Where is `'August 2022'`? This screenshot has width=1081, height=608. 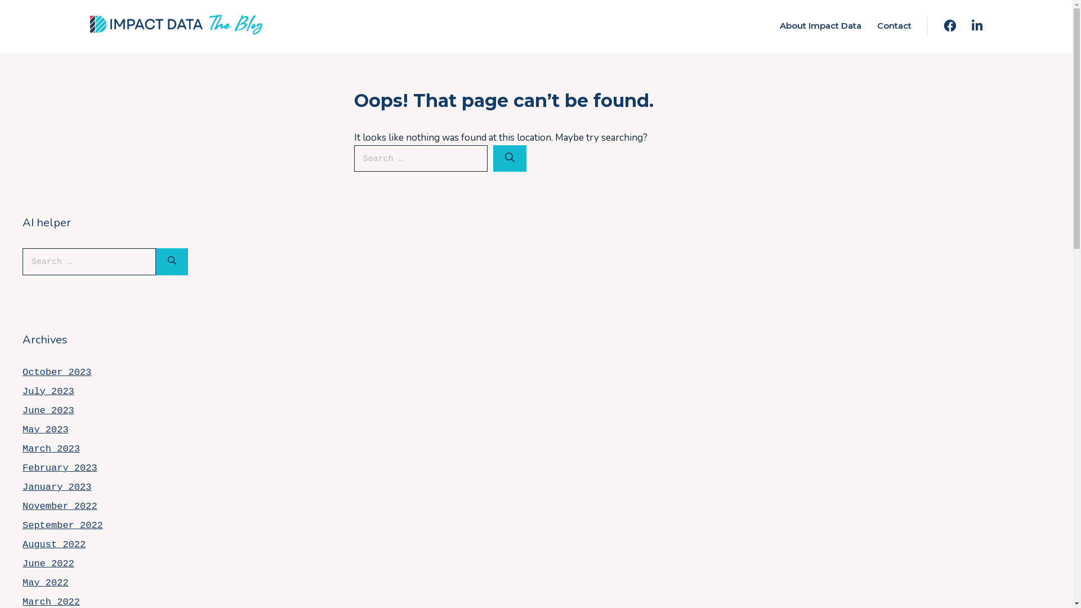
'August 2022' is located at coordinates (22, 544).